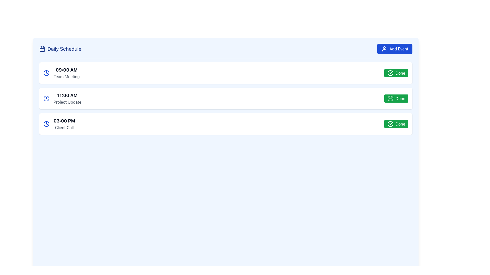  What do you see at coordinates (67, 102) in the screenshot?
I see `the text label displaying 'Project Update', which is styled with a gray font color and located below the '11:00 AM' label in the schedule entry block` at bounding box center [67, 102].